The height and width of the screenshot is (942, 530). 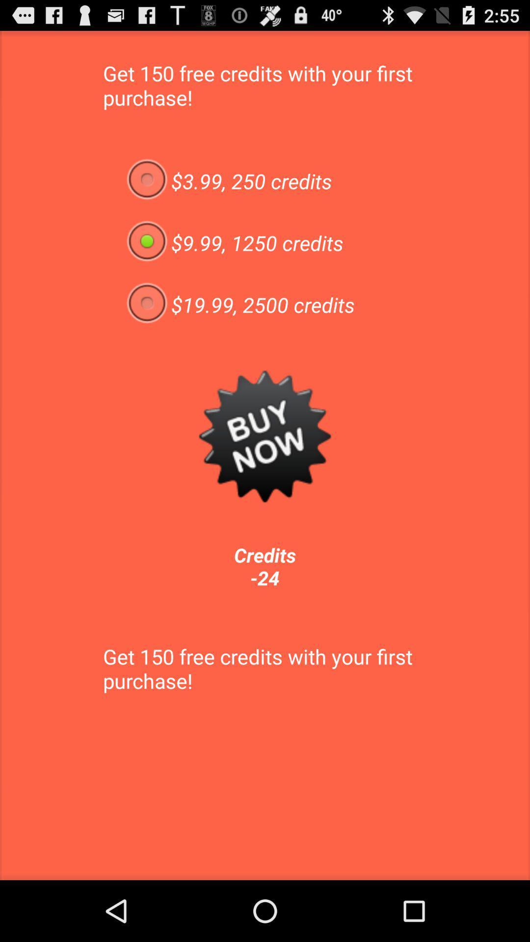 I want to click on app above credits, so click(x=265, y=436).